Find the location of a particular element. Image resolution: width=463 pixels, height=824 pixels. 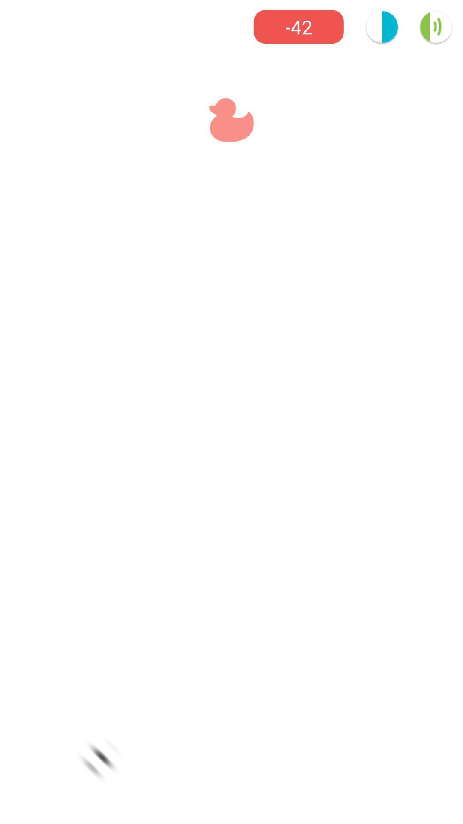

the volume icon is located at coordinates (436, 27).